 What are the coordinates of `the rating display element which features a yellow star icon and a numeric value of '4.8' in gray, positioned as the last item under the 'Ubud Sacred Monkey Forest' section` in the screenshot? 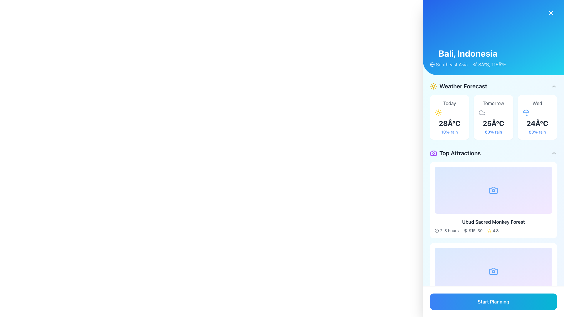 It's located at (493, 230).